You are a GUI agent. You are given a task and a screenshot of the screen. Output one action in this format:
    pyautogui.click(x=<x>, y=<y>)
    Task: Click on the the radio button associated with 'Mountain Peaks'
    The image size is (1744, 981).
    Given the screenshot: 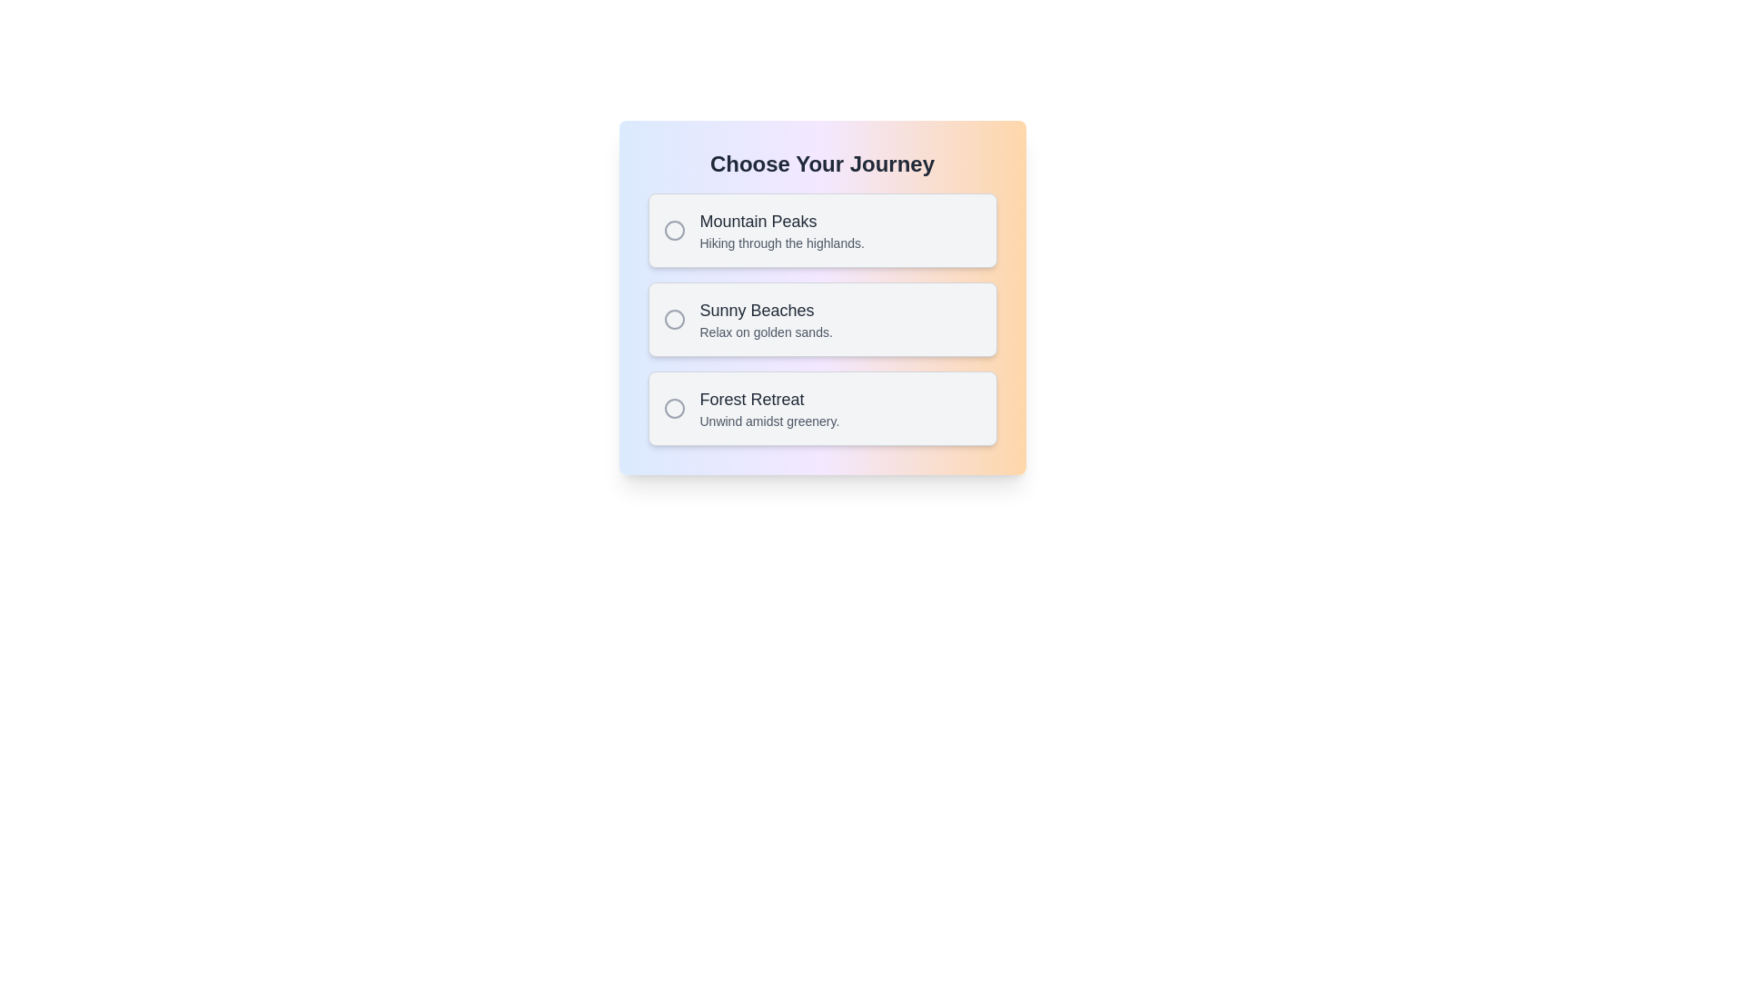 What is the action you would take?
    pyautogui.click(x=673, y=230)
    